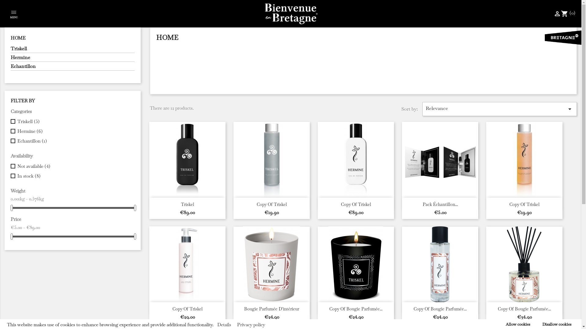 The width and height of the screenshot is (586, 329). What do you see at coordinates (518, 324) in the screenshot?
I see `'Allow cookies'` at bounding box center [518, 324].